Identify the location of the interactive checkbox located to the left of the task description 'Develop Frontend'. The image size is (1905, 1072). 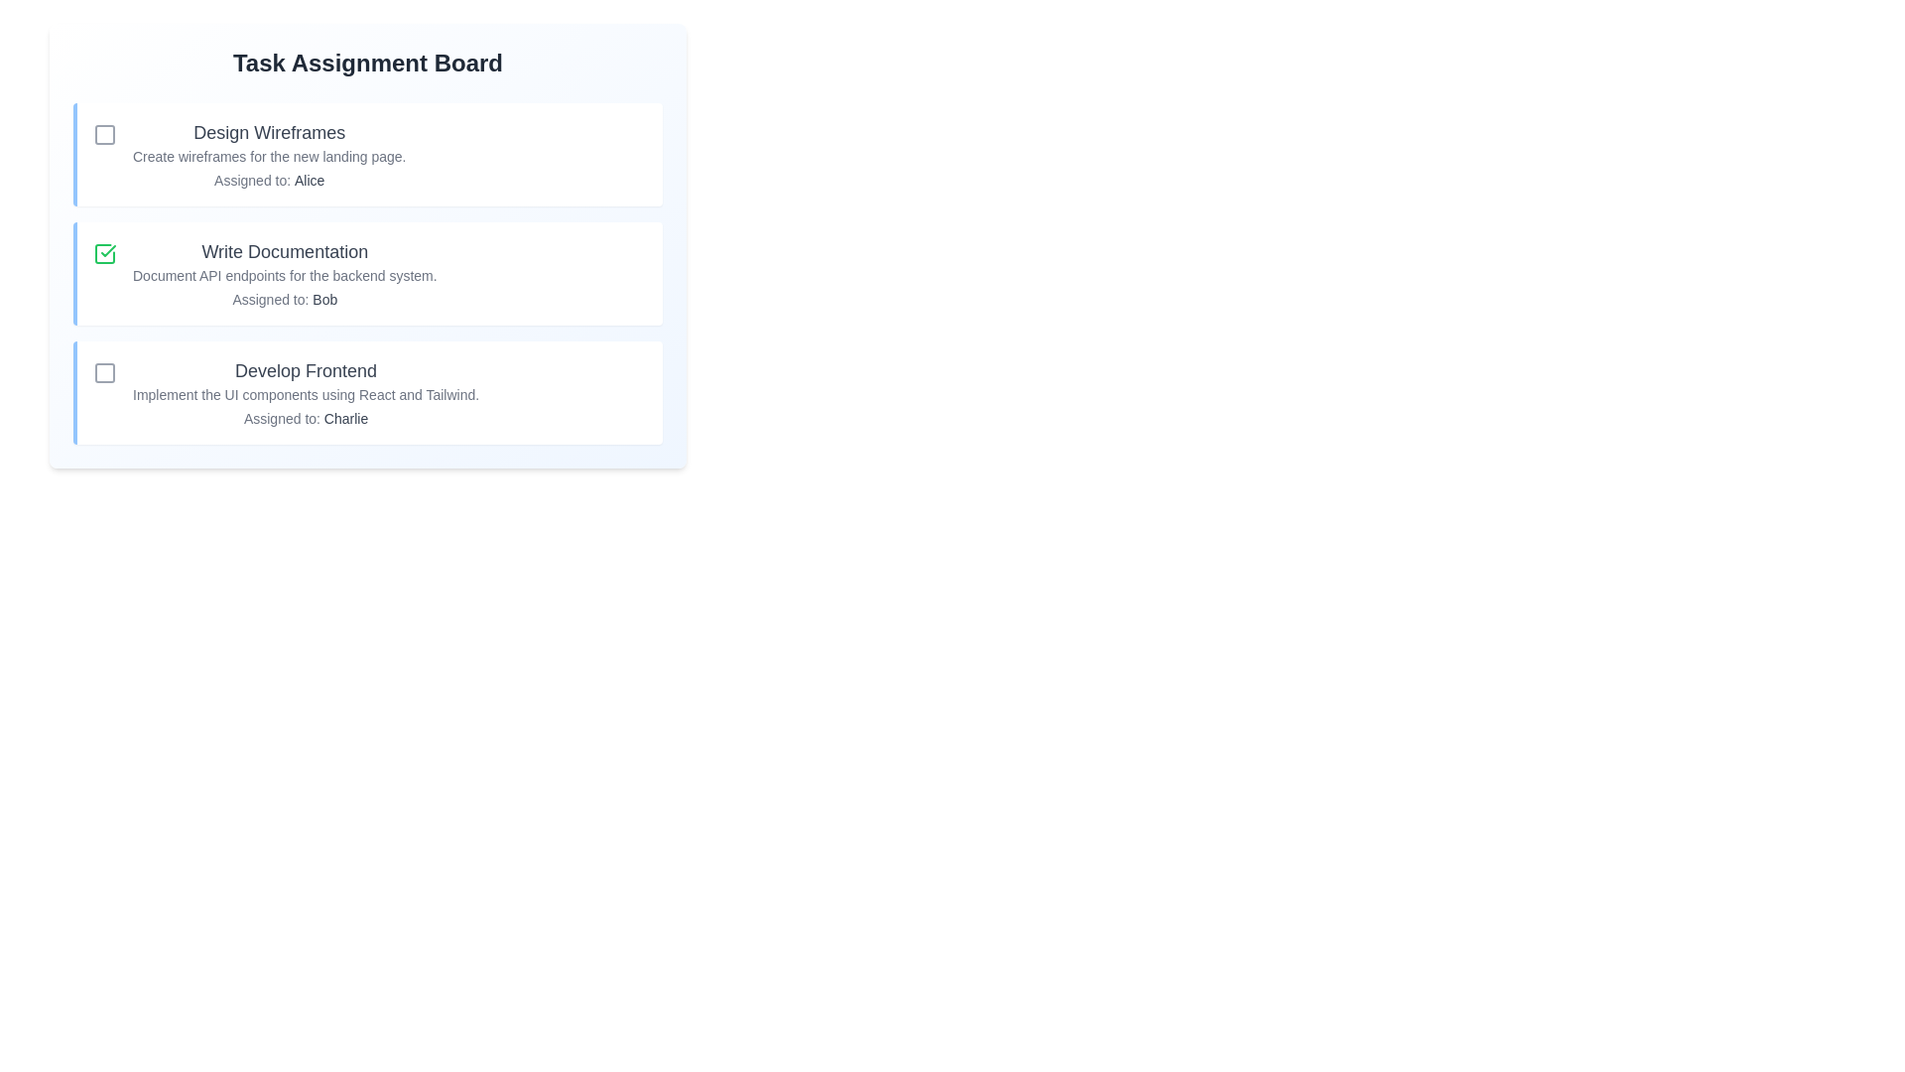
(103, 372).